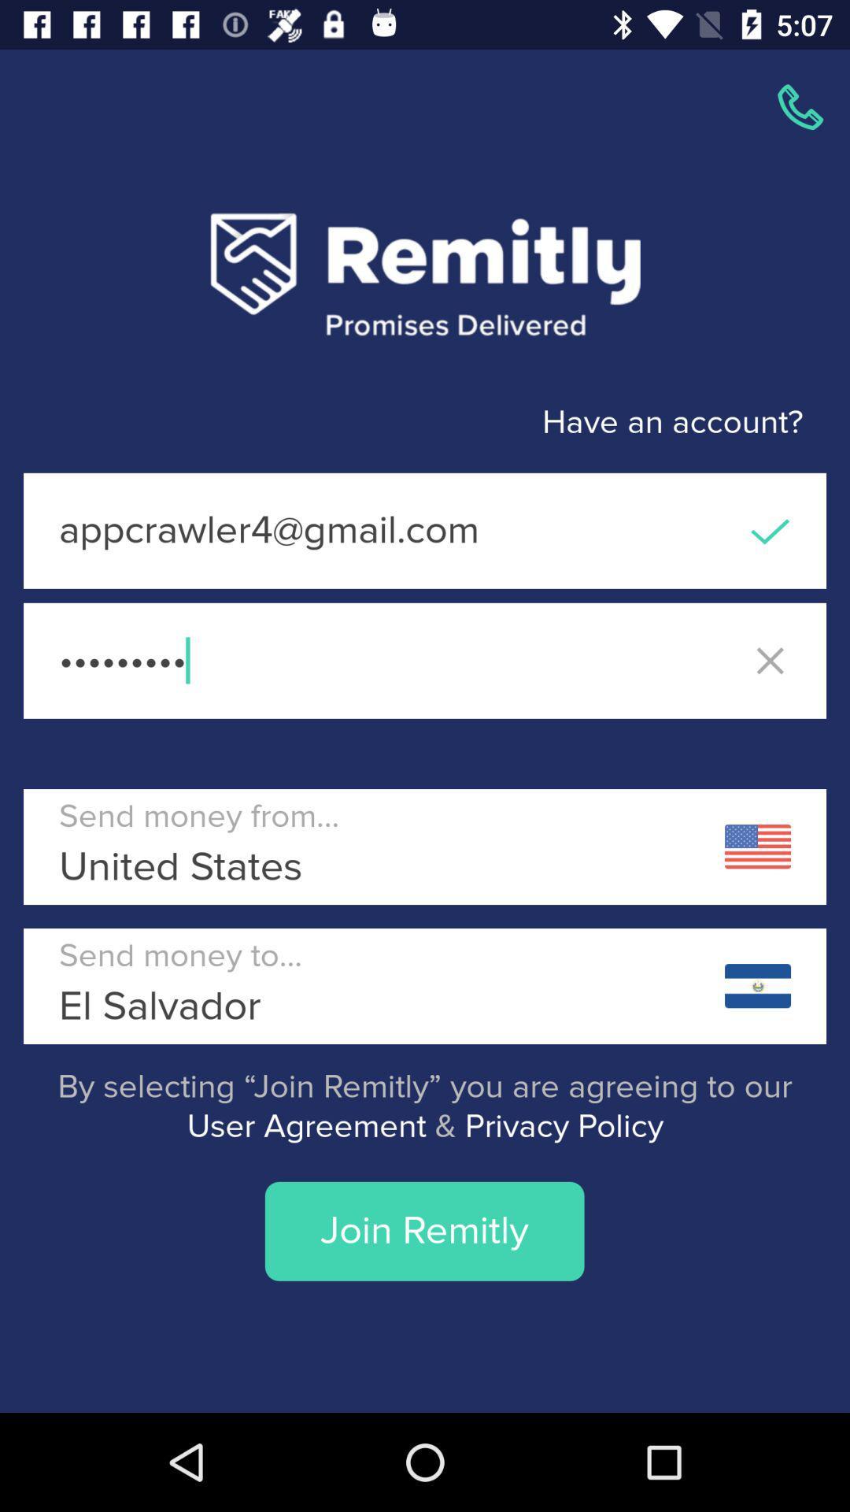 Image resolution: width=850 pixels, height=1512 pixels. I want to click on the appcrawler4@gmail.com icon, so click(425, 531).